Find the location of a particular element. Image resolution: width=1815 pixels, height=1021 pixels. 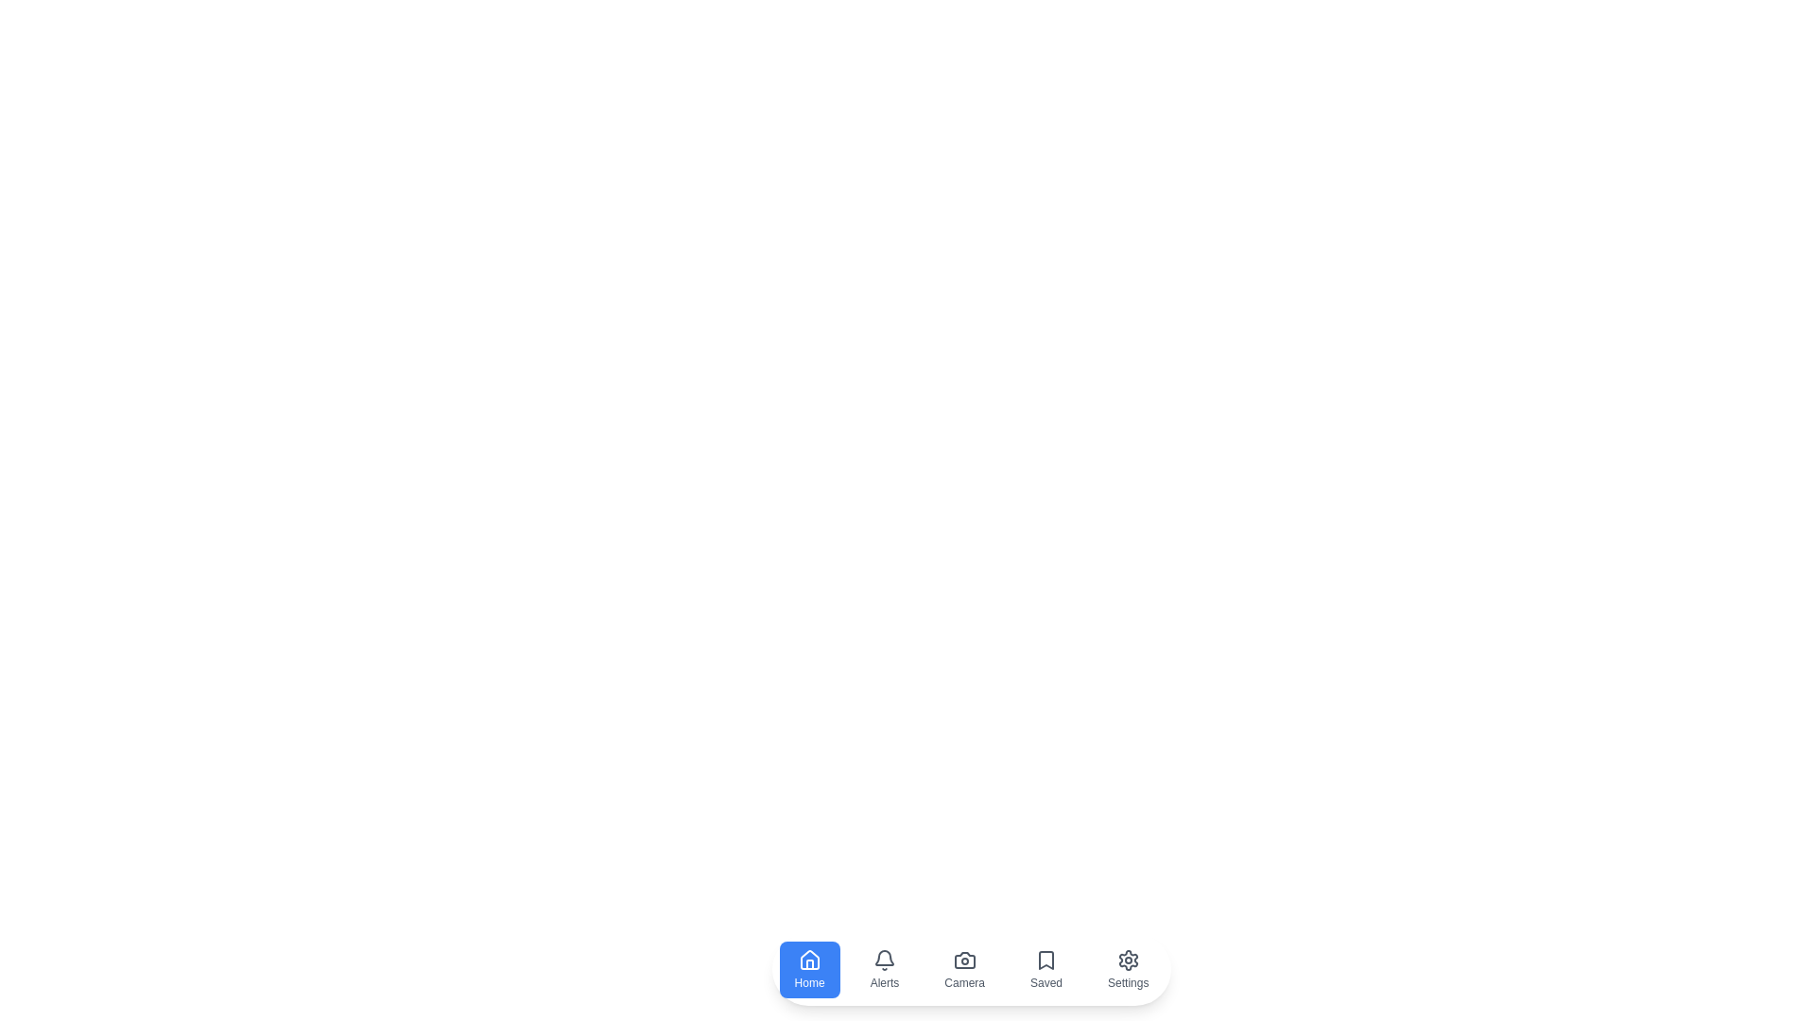

the navigation item Camera by clicking on its respective button is located at coordinates (964, 970).